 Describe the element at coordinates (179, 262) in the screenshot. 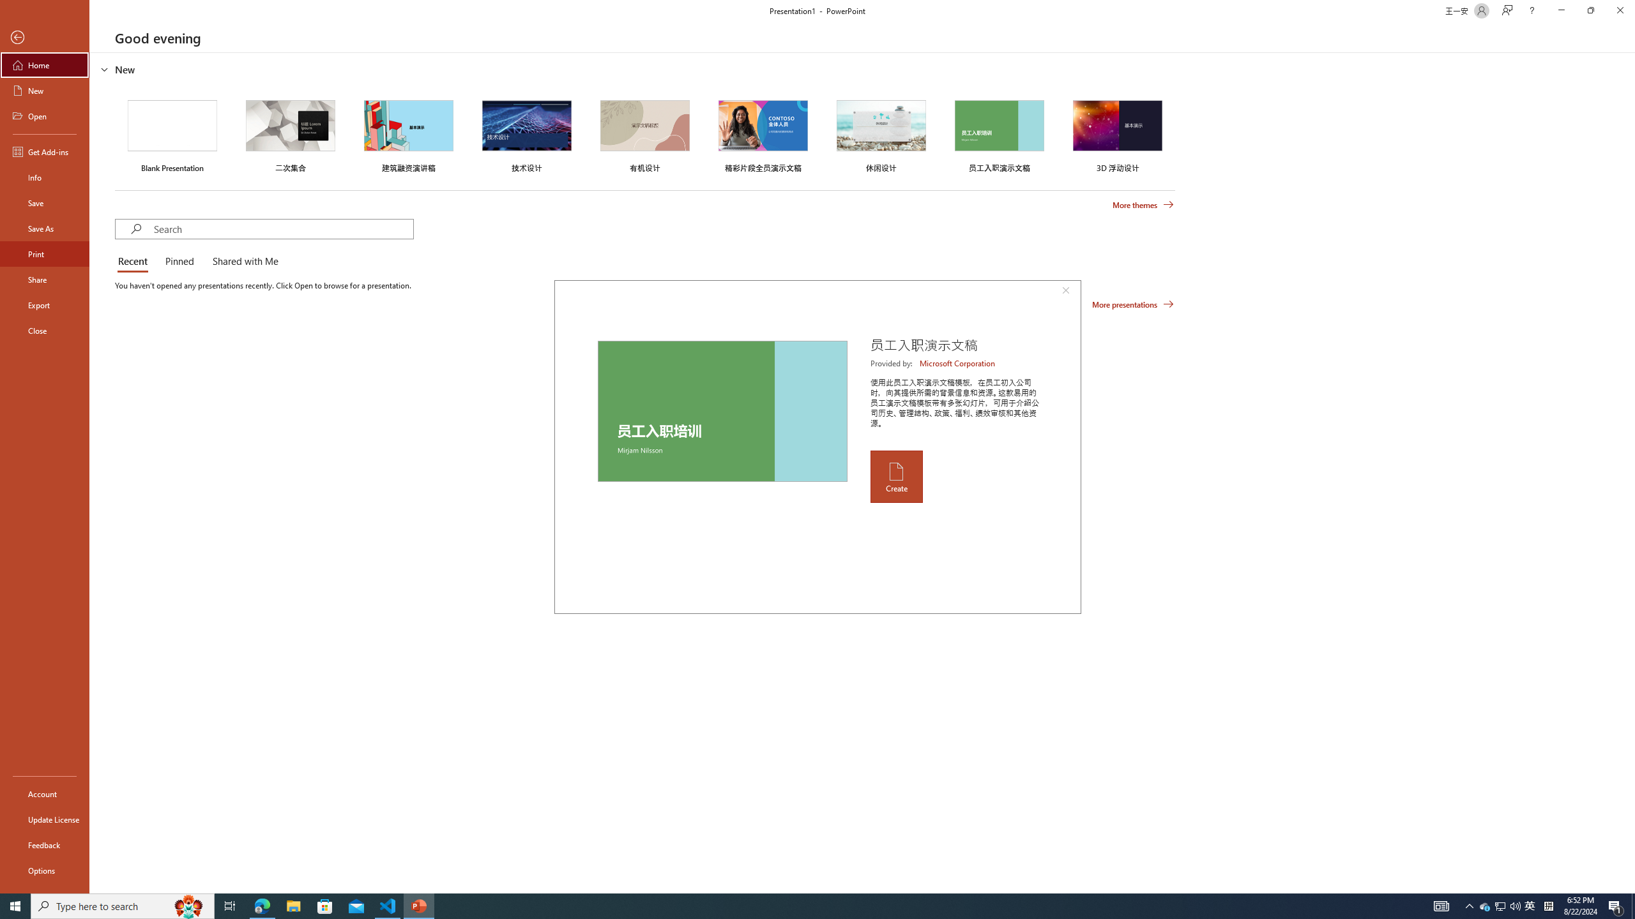

I see `'Pinned'` at that location.